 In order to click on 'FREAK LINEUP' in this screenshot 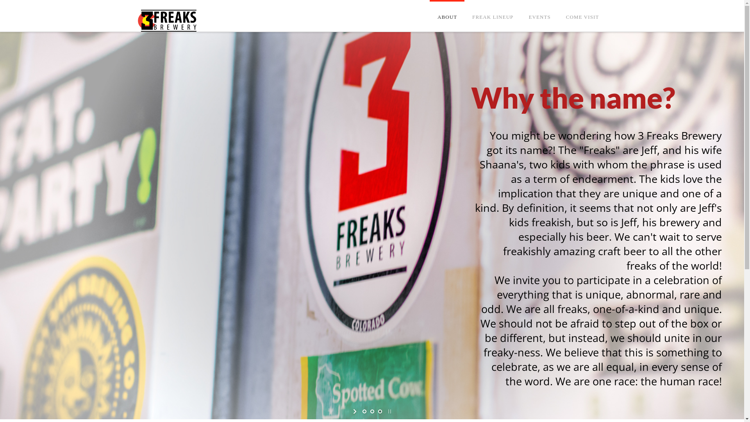, I will do `click(492, 7)`.